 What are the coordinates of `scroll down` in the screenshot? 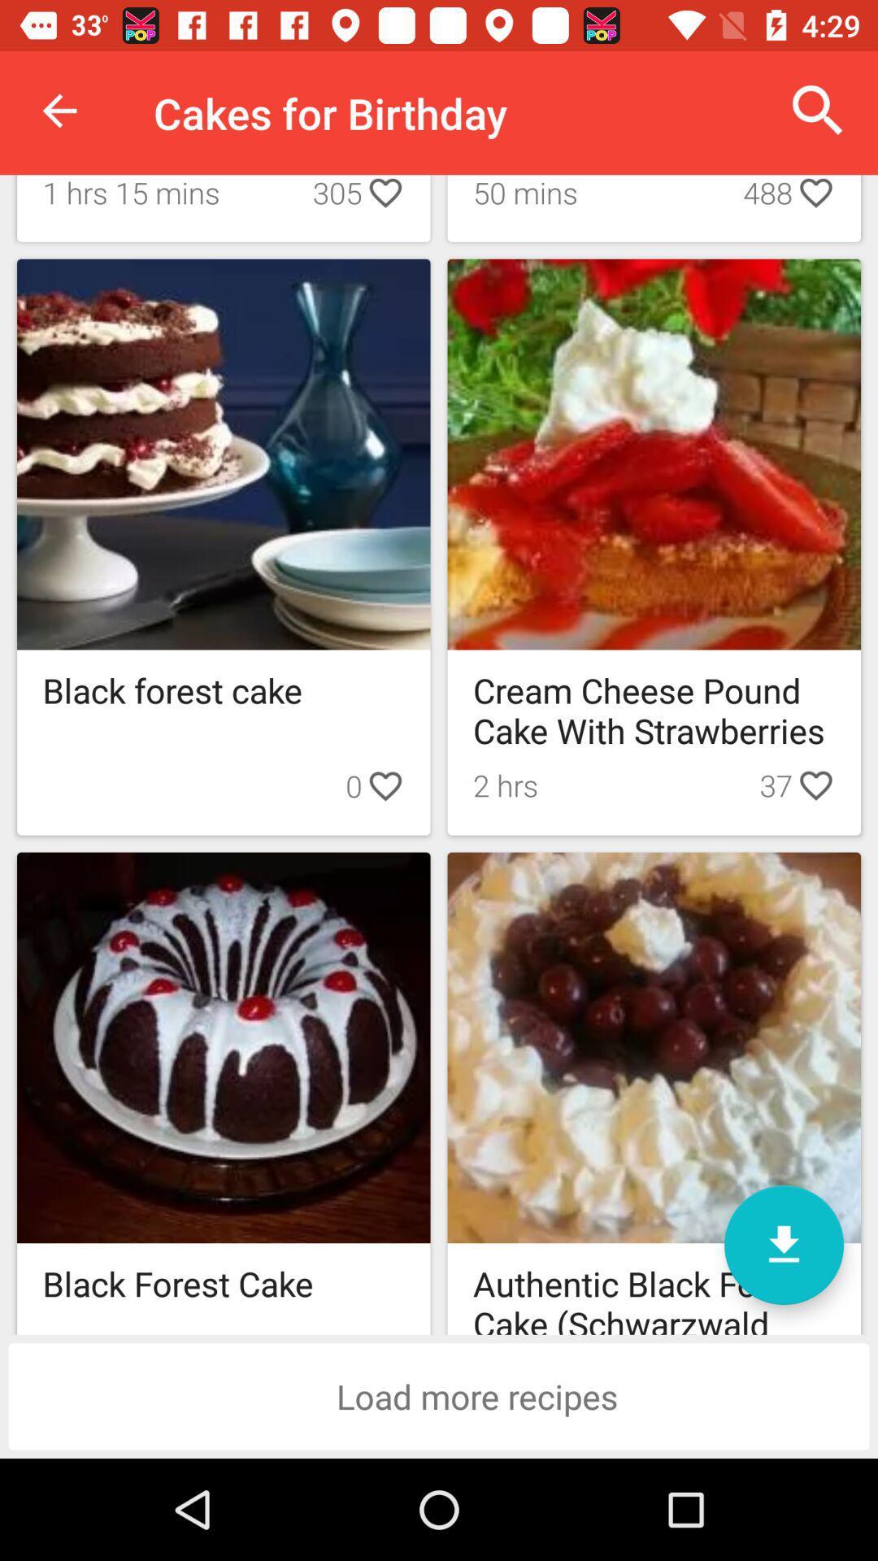 It's located at (783, 1244).